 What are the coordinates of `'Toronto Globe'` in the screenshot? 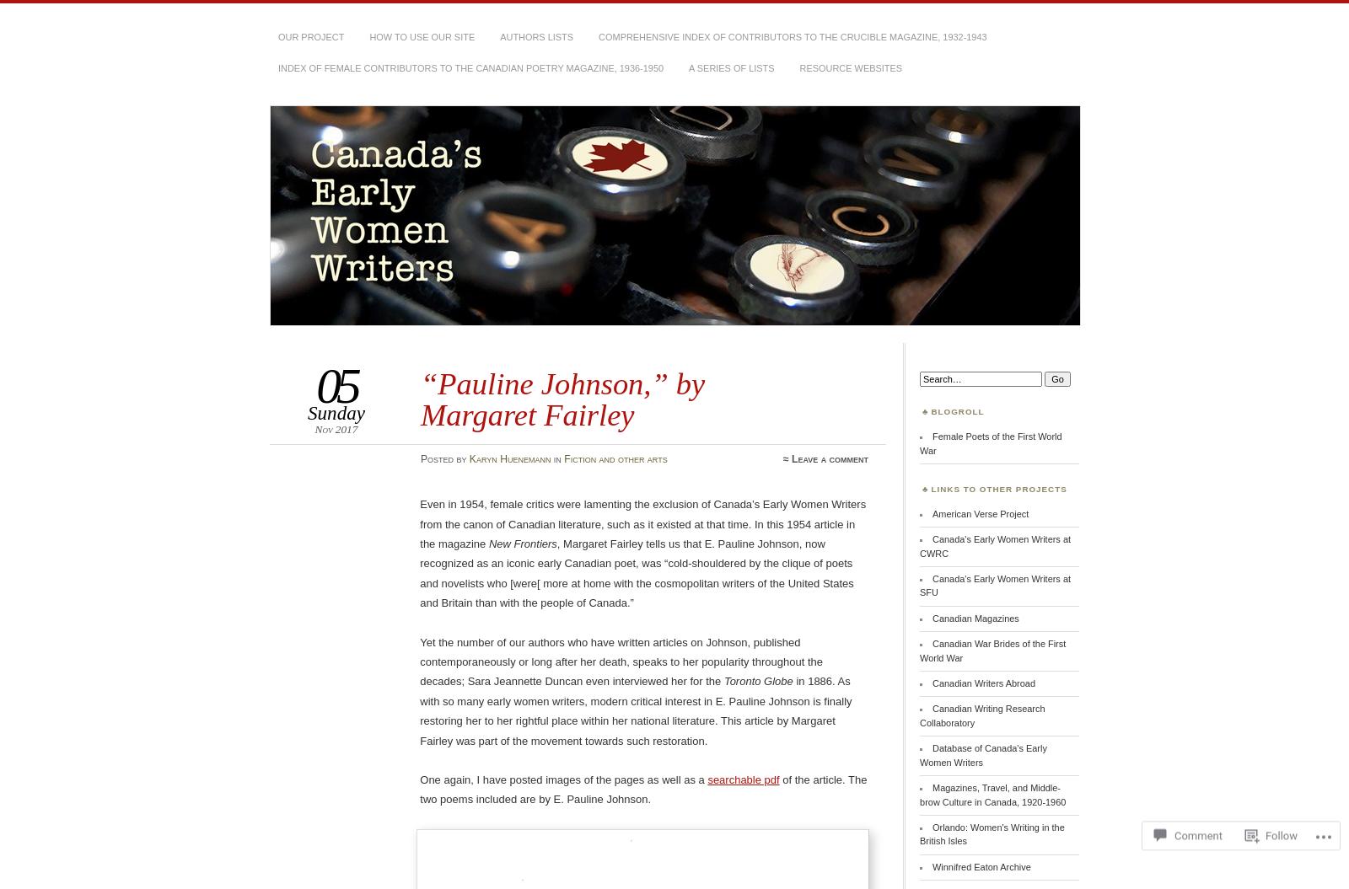 It's located at (723, 680).